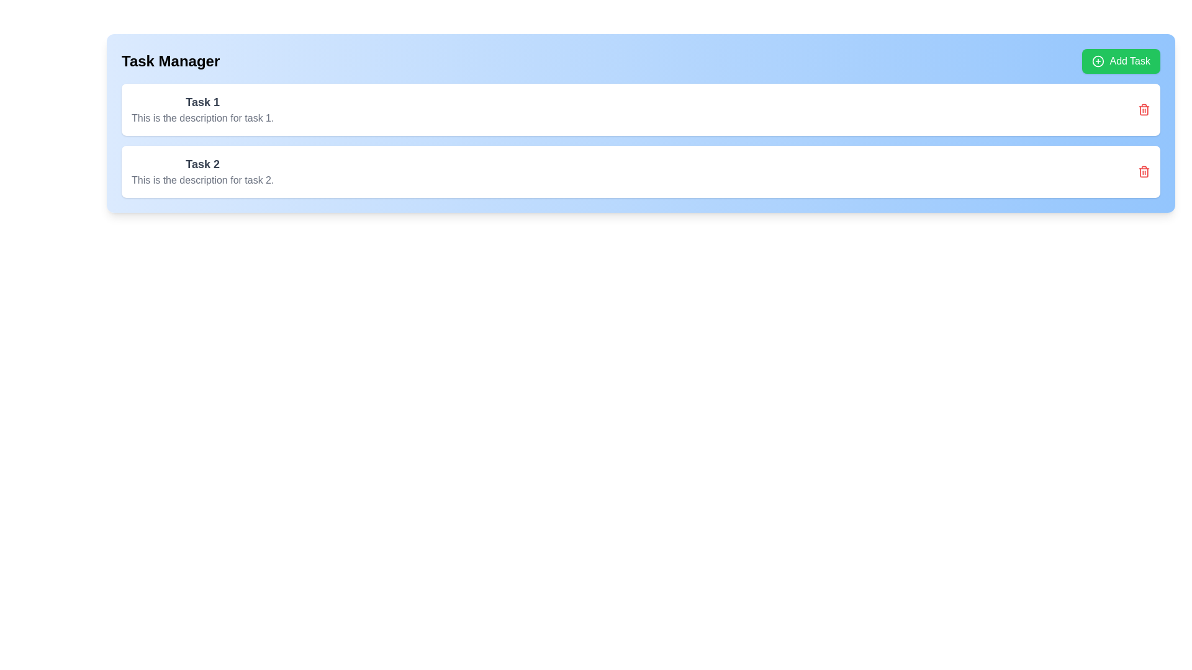 This screenshot has height=670, width=1192. Describe the element at coordinates (170, 61) in the screenshot. I see `the 'Task Manager' text label, which is a bold, large font element located at the top-left area of the interface against a blue background` at that location.